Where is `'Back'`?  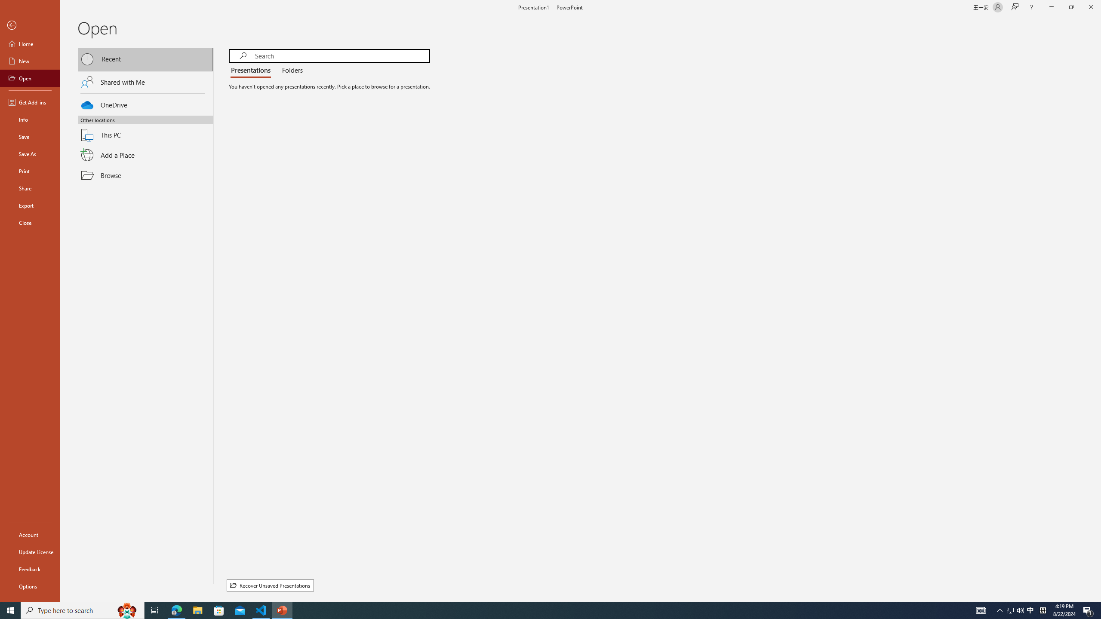 'Back' is located at coordinates (30, 25).